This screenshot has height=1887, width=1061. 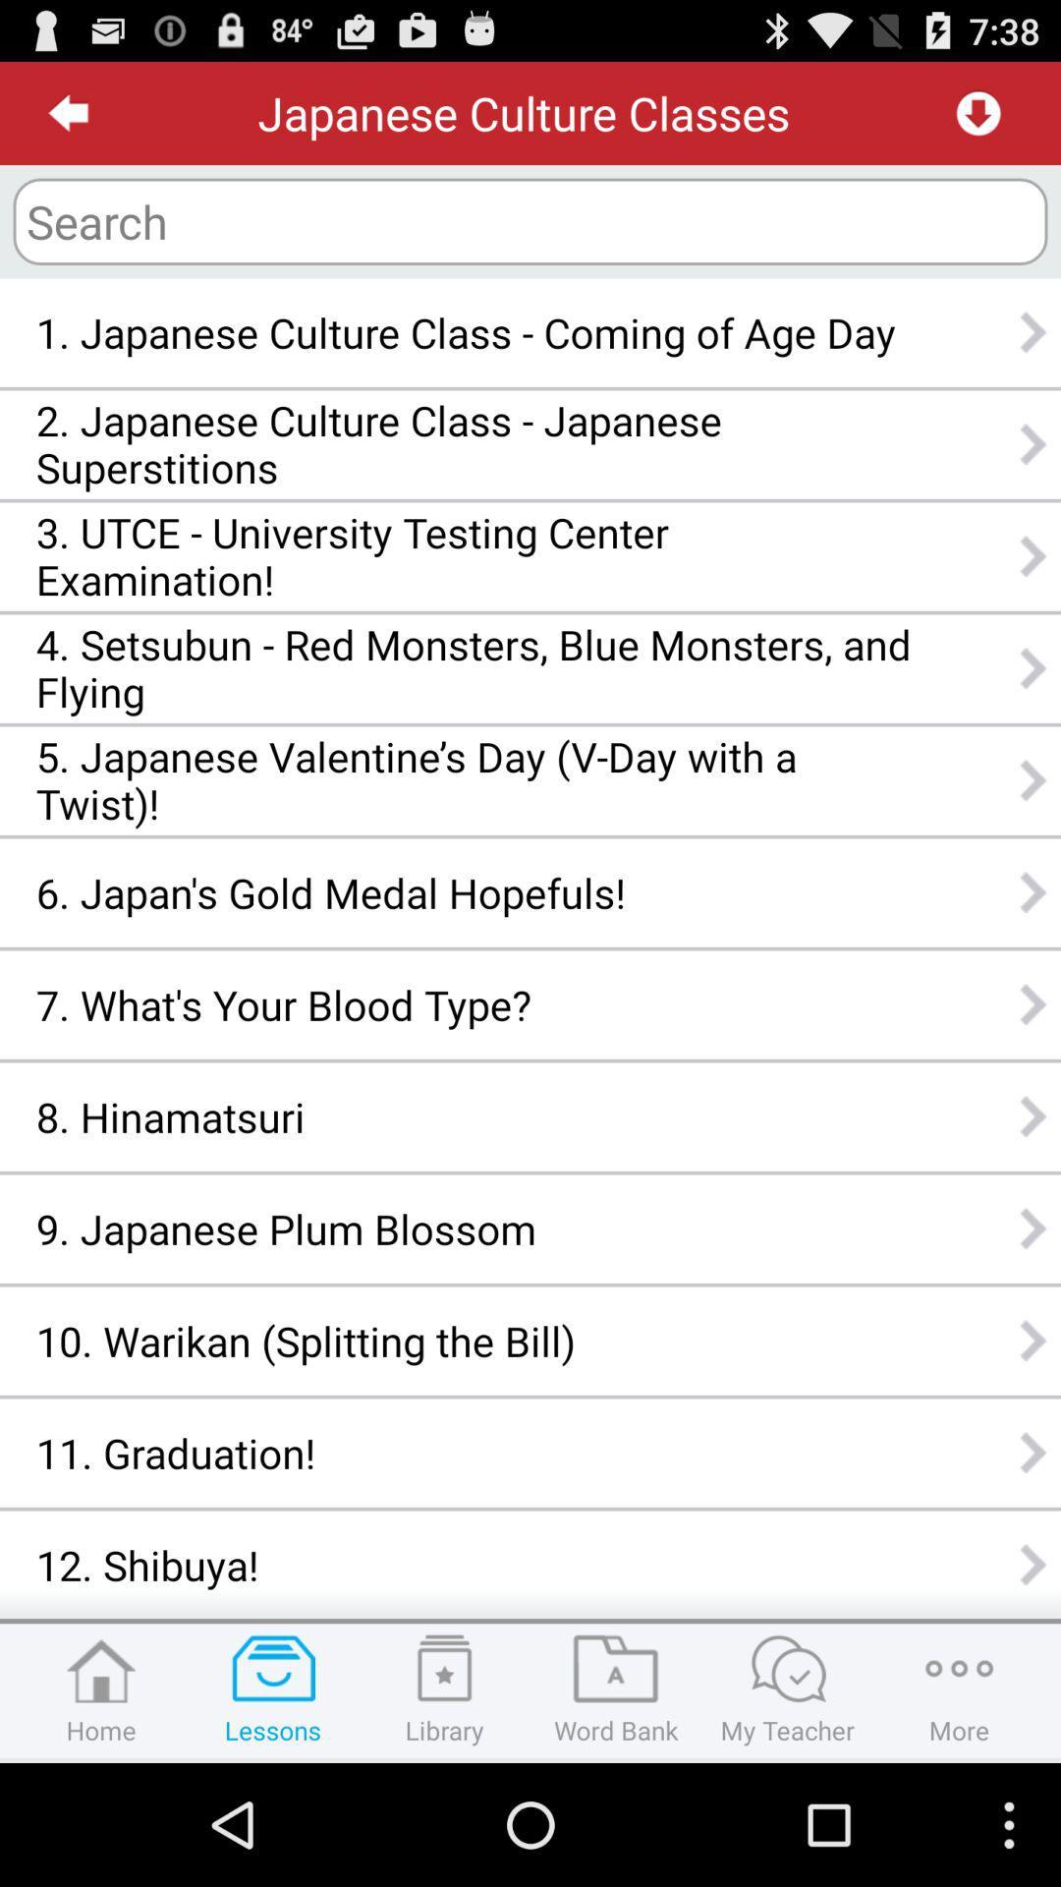 I want to click on the search bar, so click(x=530, y=221).